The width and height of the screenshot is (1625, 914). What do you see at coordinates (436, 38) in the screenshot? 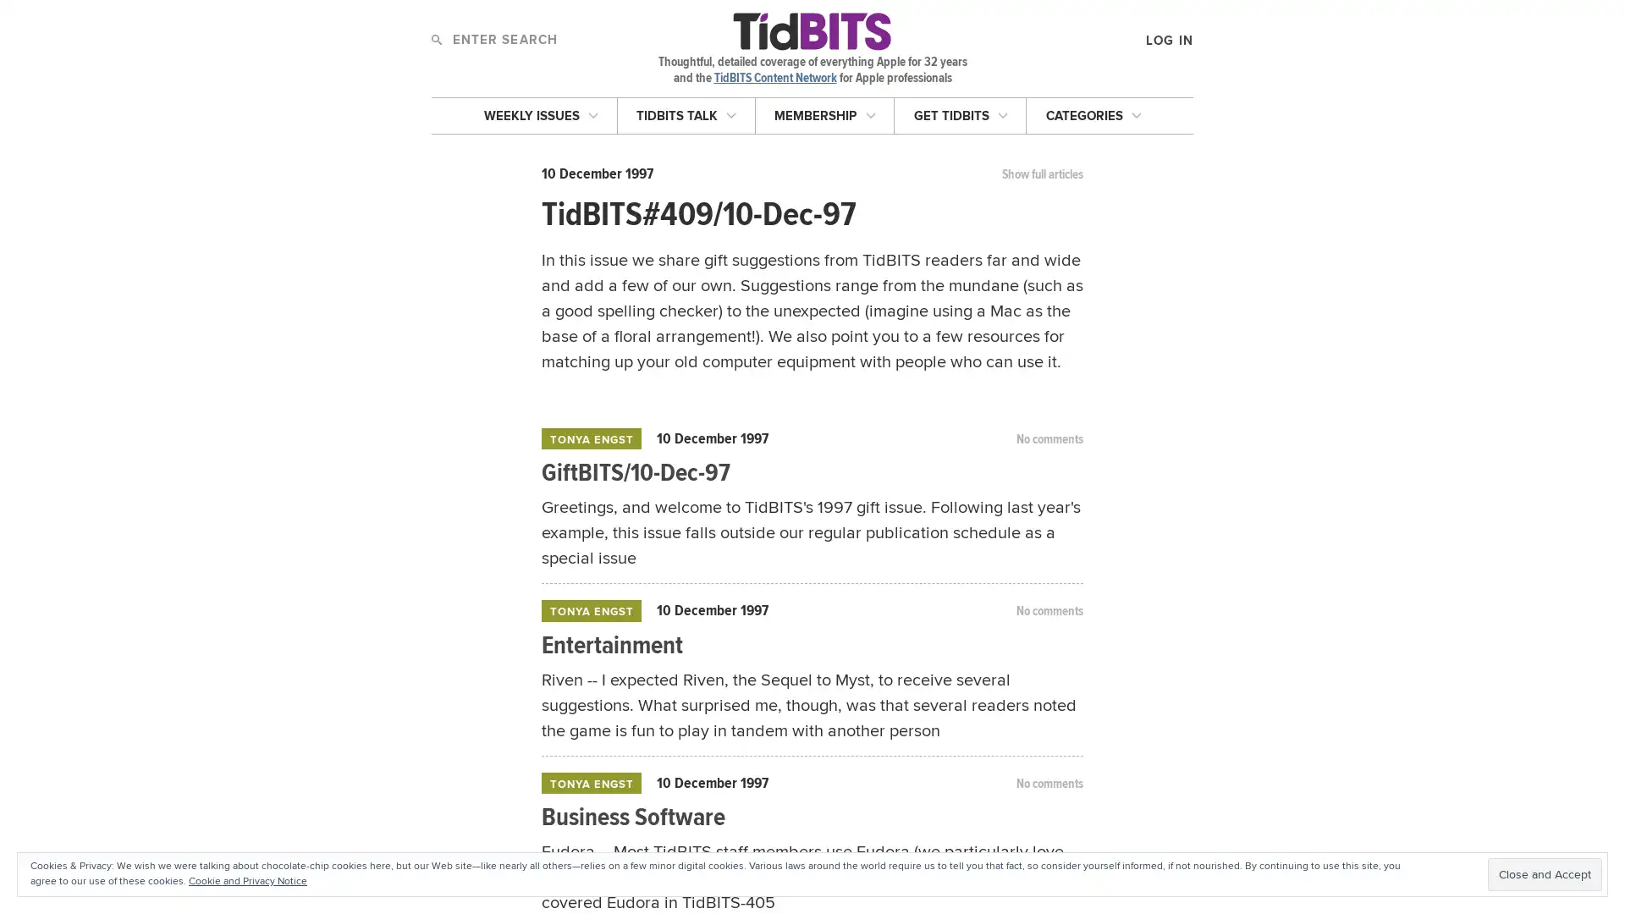
I see `Search` at bounding box center [436, 38].